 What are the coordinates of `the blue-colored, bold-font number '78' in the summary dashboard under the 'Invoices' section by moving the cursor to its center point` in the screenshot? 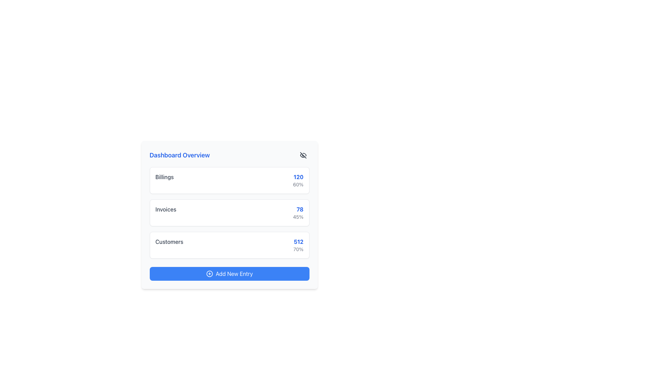 It's located at (298, 209).